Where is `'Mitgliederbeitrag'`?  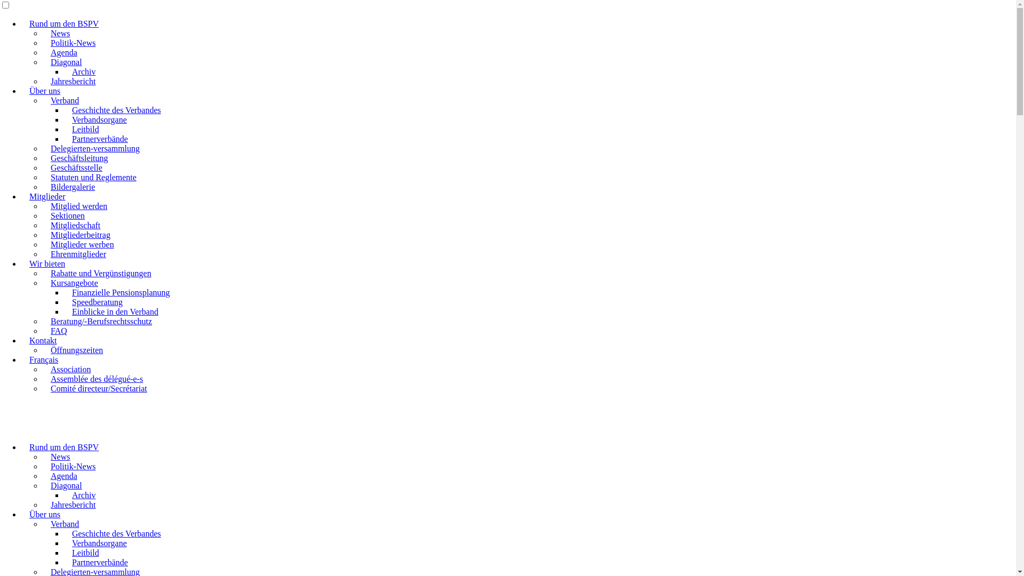 'Mitgliederbeitrag' is located at coordinates (43, 234).